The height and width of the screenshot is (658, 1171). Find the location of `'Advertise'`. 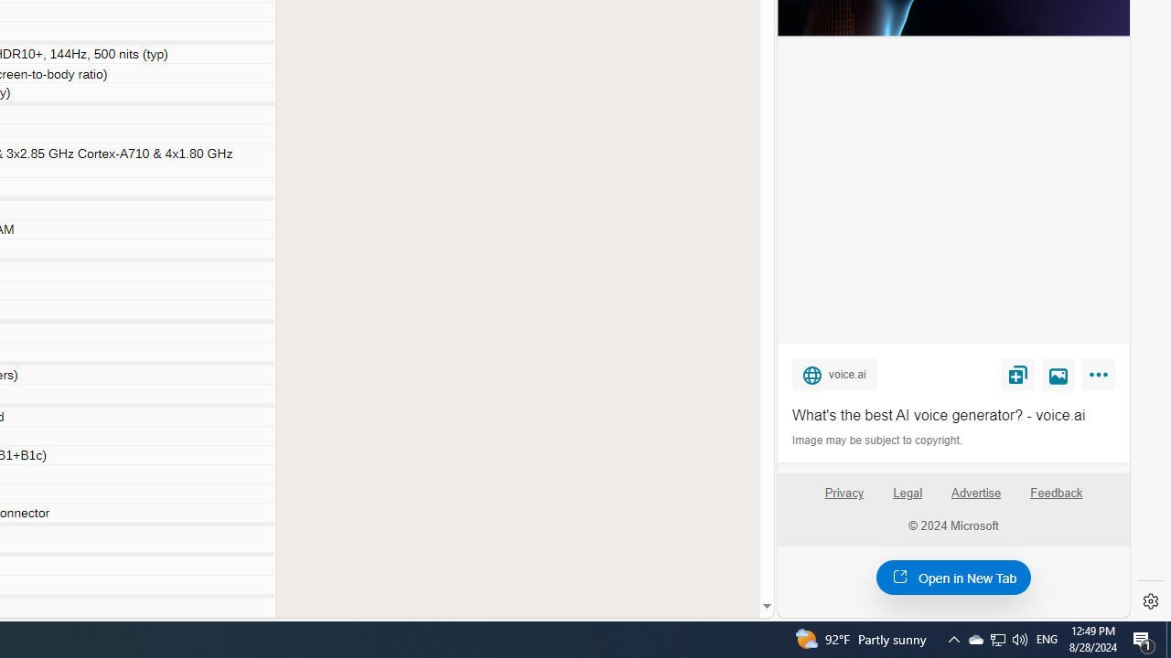

'Advertise' is located at coordinates (974, 492).